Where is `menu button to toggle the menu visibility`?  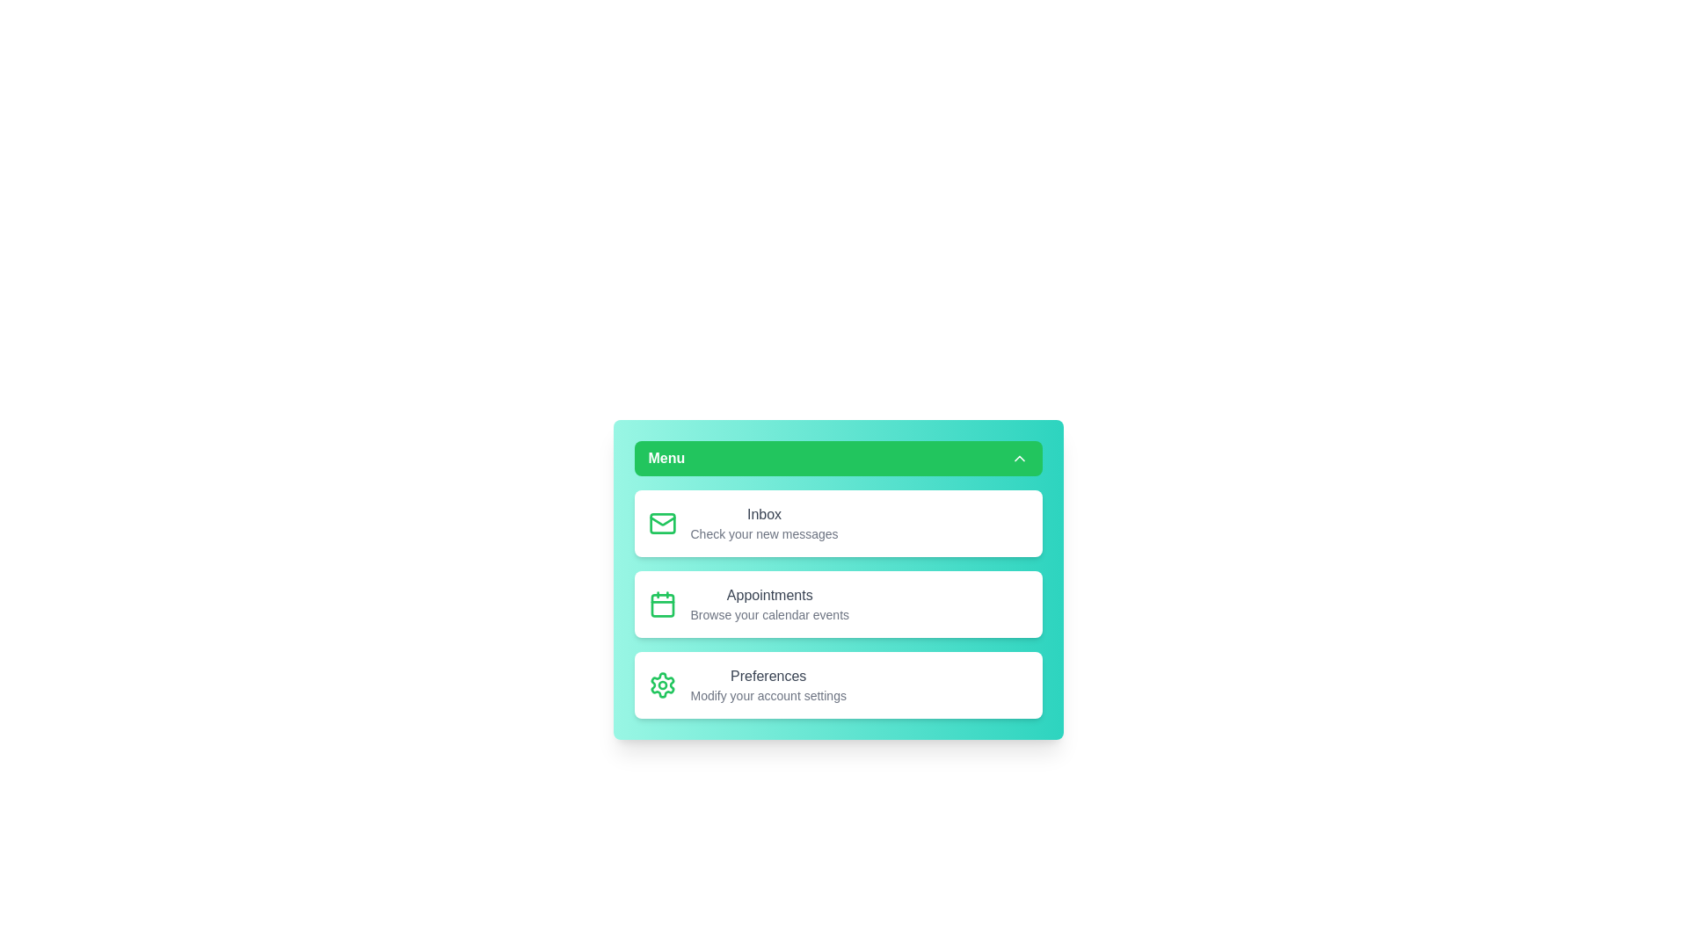
menu button to toggle the menu visibility is located at coordinates (837, 457).